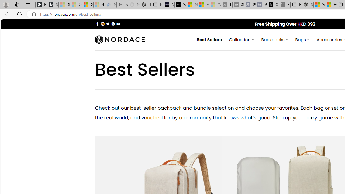 This screenshot has width=345, height=194. Describe the element at coordinates (168, 5) in the screenshot. I see `'AI Voice Changer for PC and Mac - Voice.ai'` at that location.